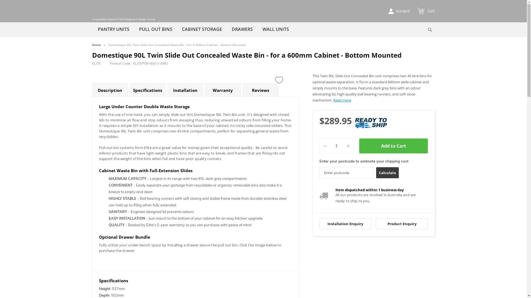 This screenshot has height=298, width=531. What do you see at coordinates (96, 44) in the screenshot?
I see `'Home'` at bounding box center [96, 44].